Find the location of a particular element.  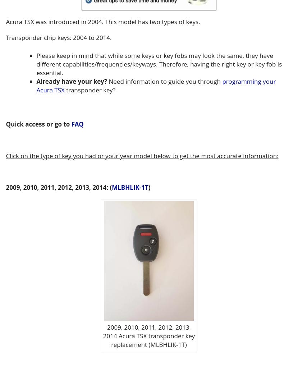

'Transponder chip keys: 2004 to 2014.' is located at coordinates (58, 37).